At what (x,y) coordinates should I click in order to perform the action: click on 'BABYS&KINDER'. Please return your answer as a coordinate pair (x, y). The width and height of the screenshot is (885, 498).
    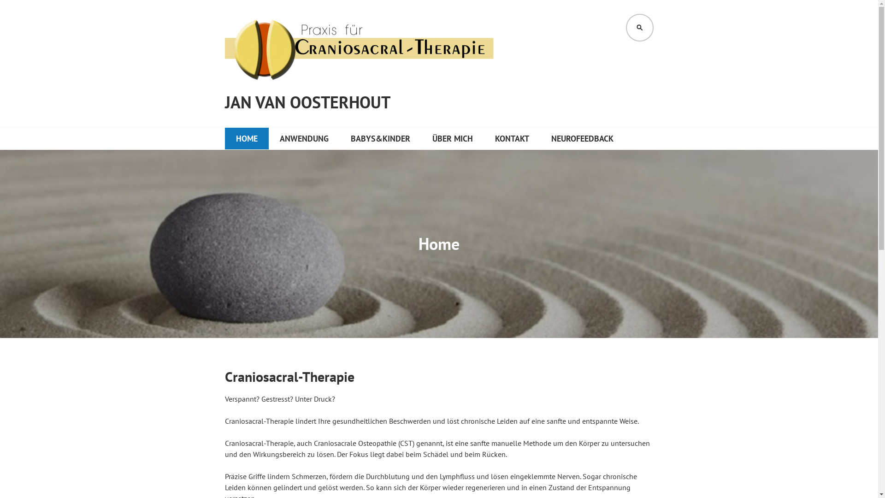
    Looking at the image, I should click on (380, 138).